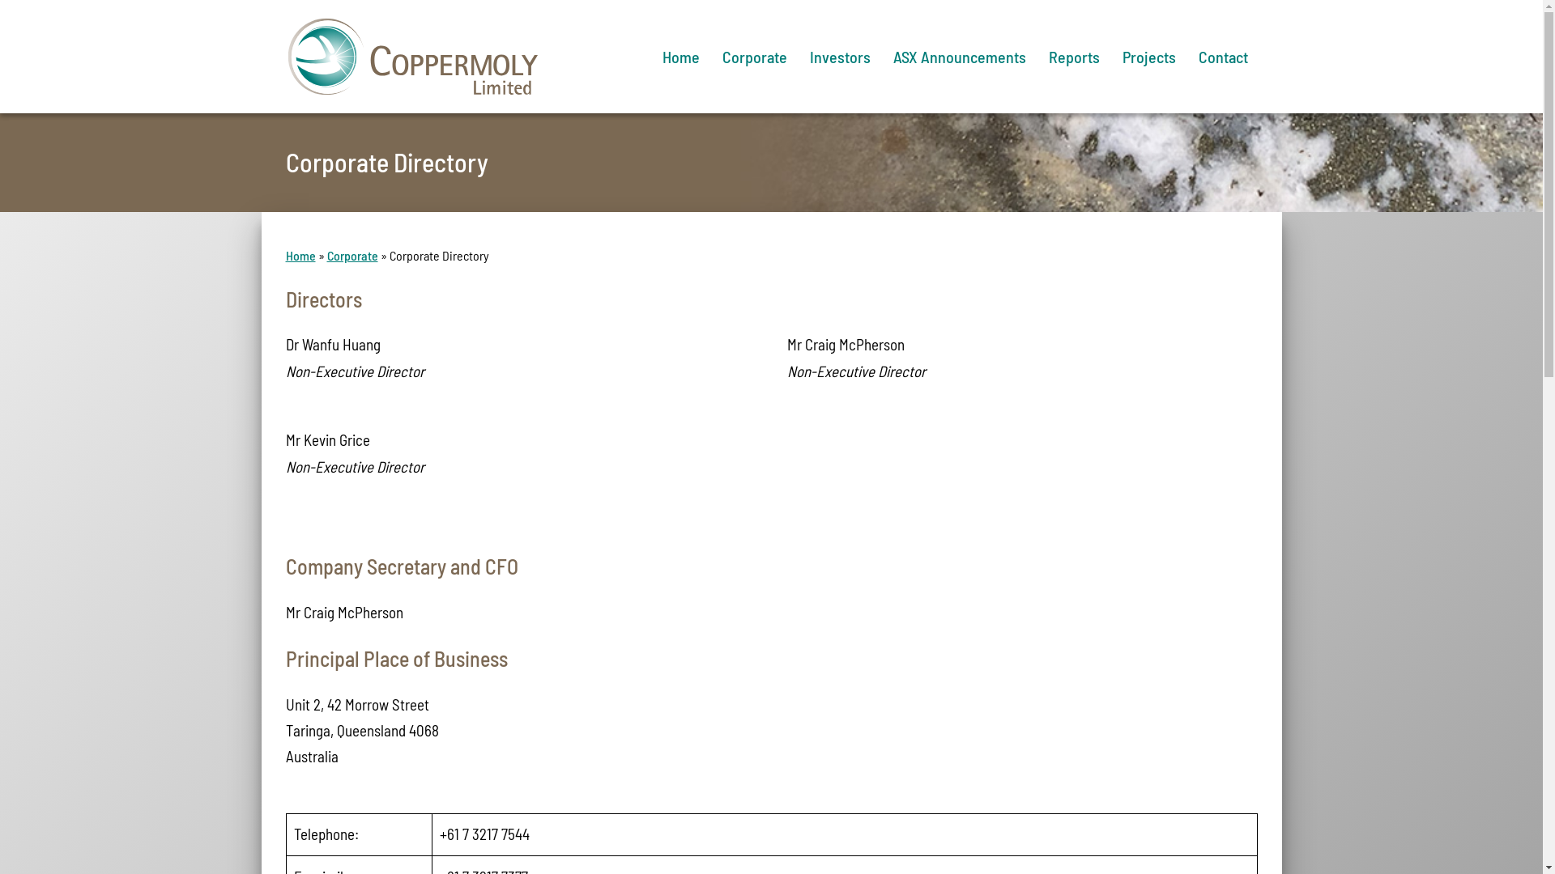 The width and height of the screenshot is (1555, 874). What do you see at coordinates (284, 255) in the screenshot?
I see `'Home'` at bounding box center [284, 255].